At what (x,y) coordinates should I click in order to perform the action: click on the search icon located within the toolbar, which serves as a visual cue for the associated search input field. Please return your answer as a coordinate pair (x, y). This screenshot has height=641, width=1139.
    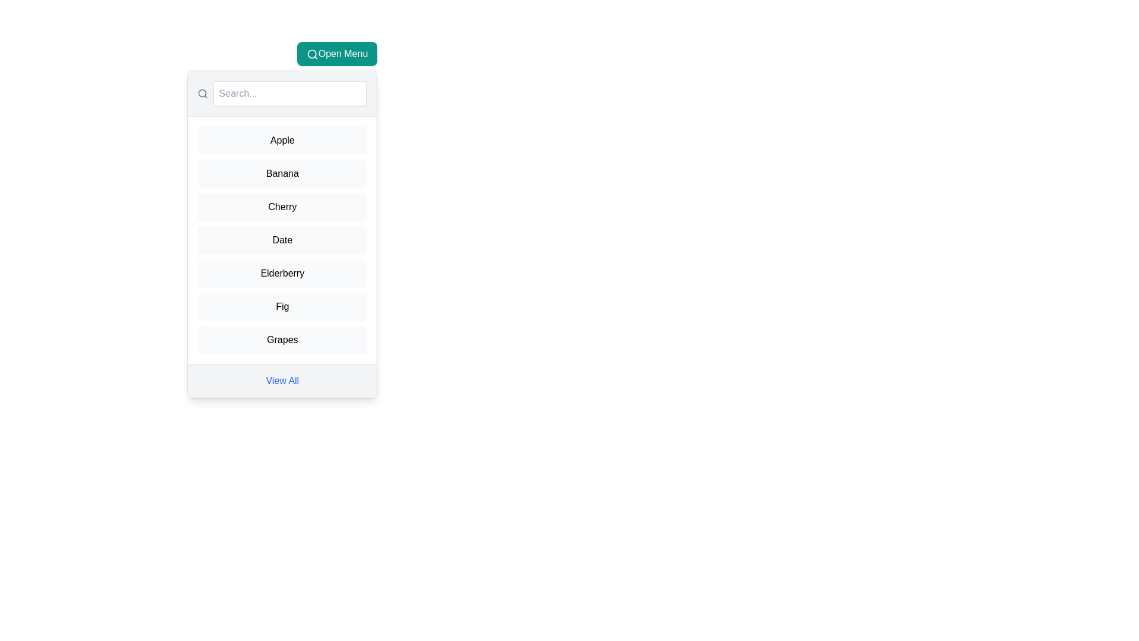
    Looking at the image, I should click on (203, 93).